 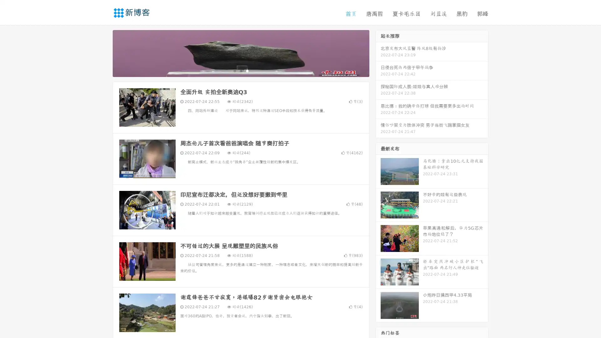 What do you see at coordinates (378, 53) in the screenshot?
I see `Next slide` at bounding box center [378, 53].